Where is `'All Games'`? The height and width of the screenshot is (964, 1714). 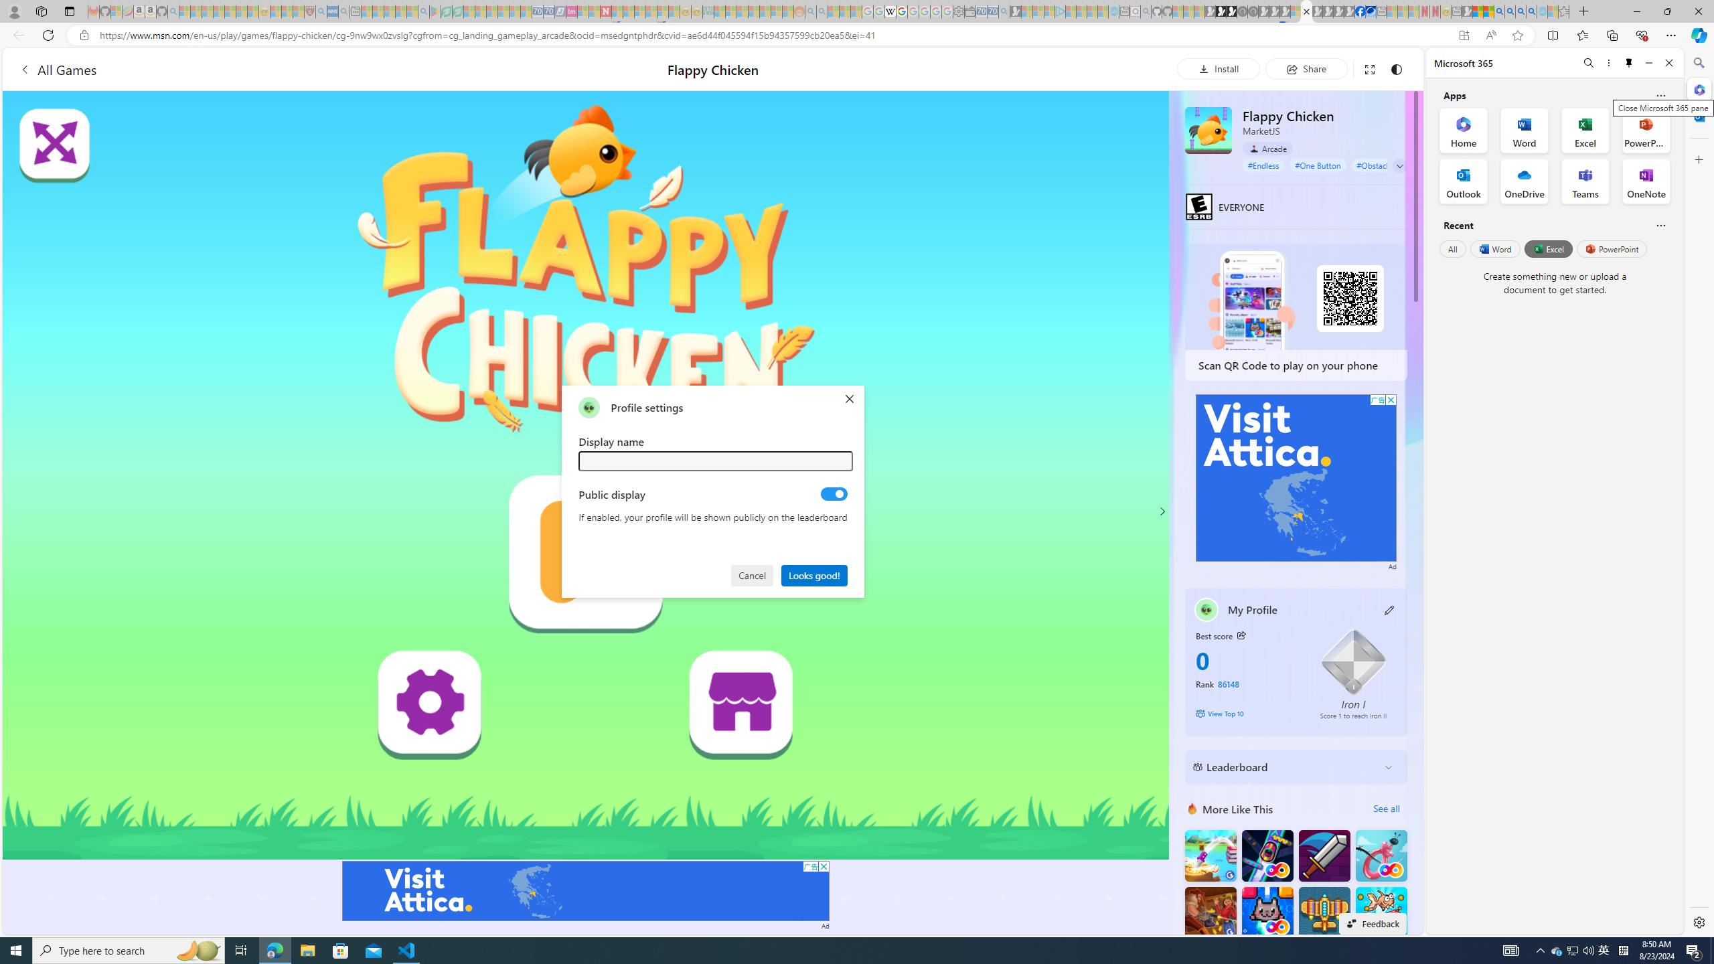
'All Games' is located at coordinates (58, 69).